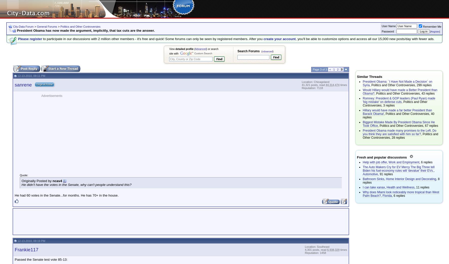  What do you see at coordinates (400, 85) in the screenshot?
I see `', Politics and Other Controversies, 299 replies'` at bounding box center [400, 85].